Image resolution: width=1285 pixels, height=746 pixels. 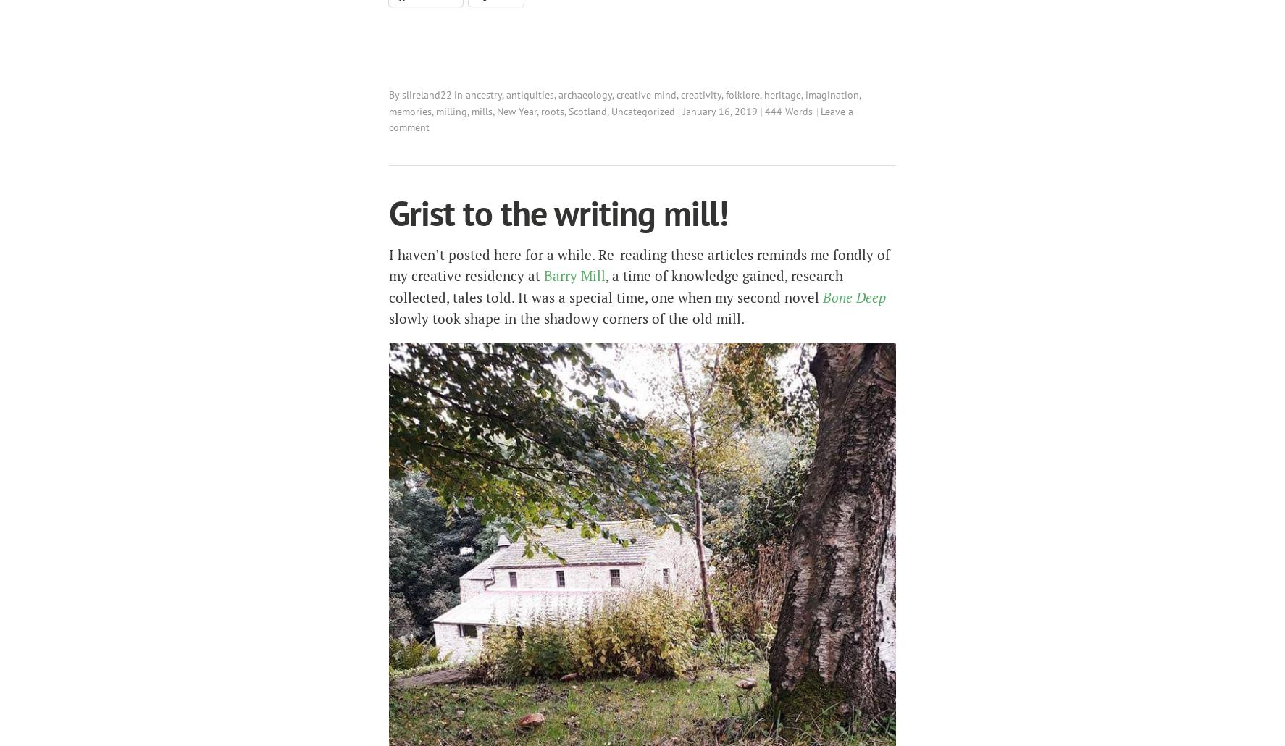 What do you see at coordinates (616, 286) in the screenshot?
I see `', a time of knowledge gained, research collected, tales told. It was a special time, one when my second novel'` at bounding box center [616, 286].